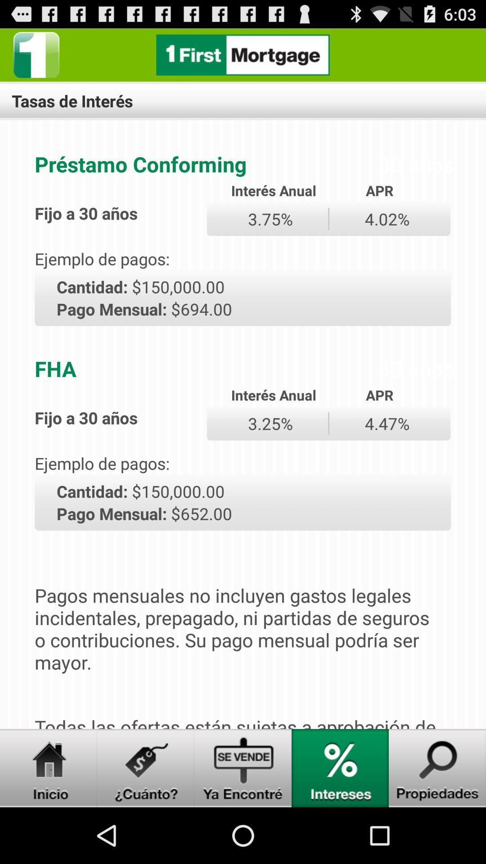 This screenshot has width=486, height=864. I want to click on open options, so click(36, 54).